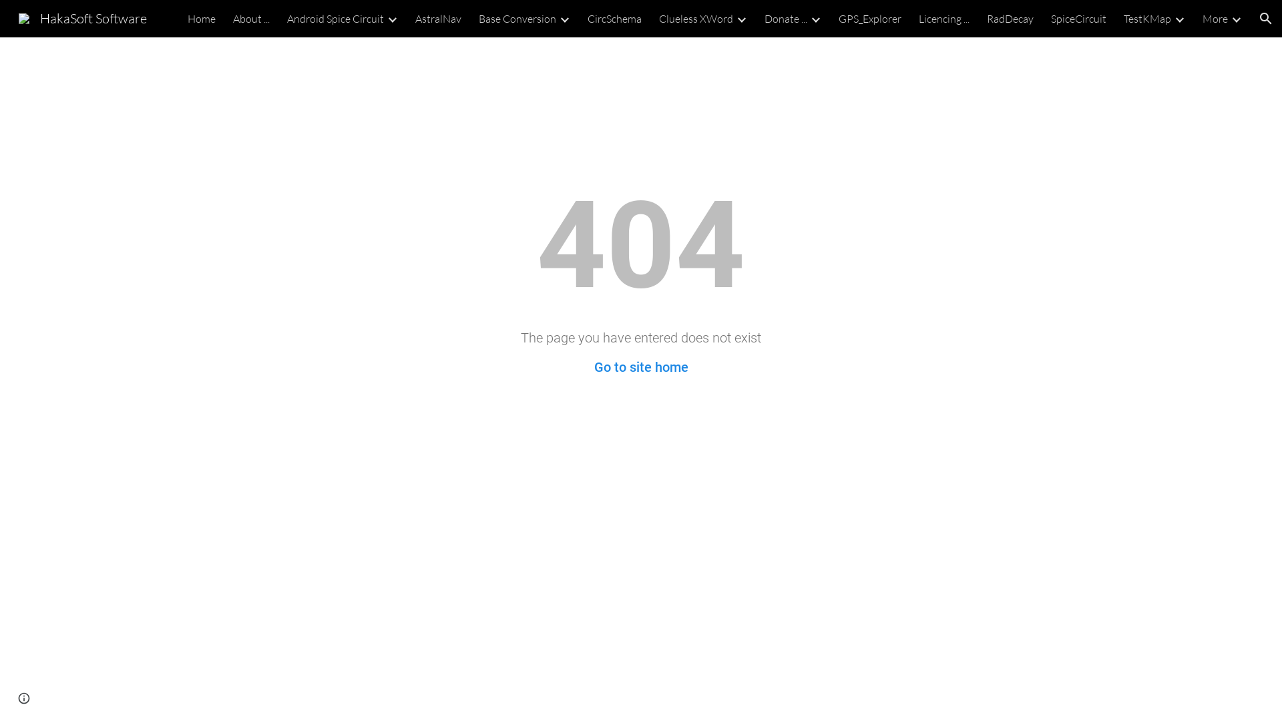 This screenshot has height=721, width=1282. What do you see at coordinates (943, 18) in the screenshot?
I see `'Licencing ...'` at bounding box center [943, 18].